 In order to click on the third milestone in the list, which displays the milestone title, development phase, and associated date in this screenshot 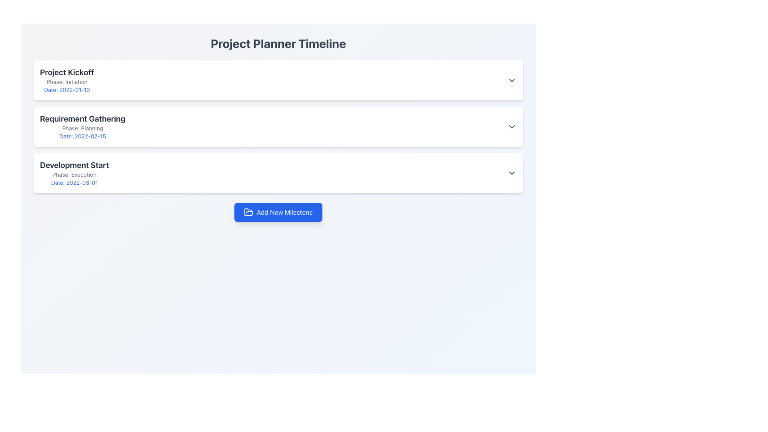, I will do `click(74, 172)`.